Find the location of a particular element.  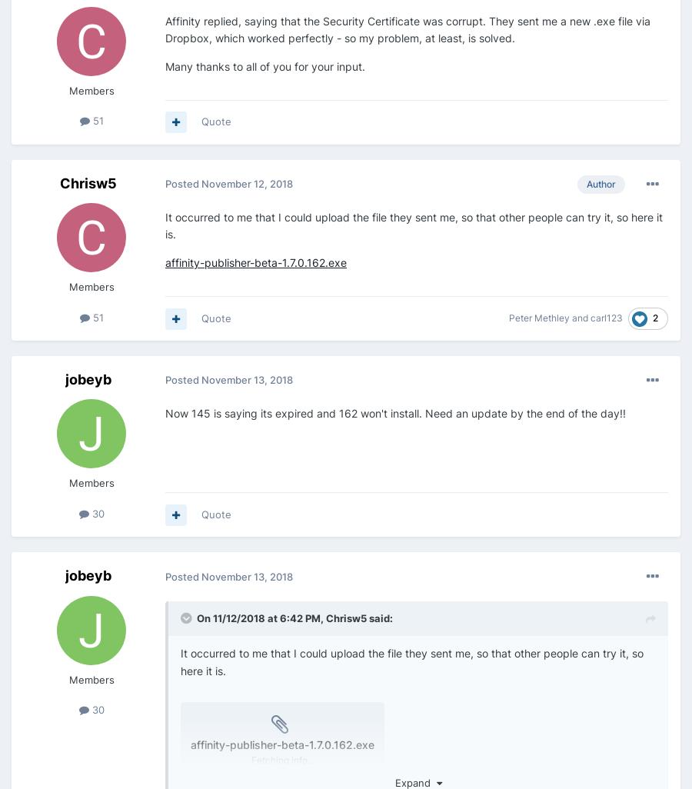

'Now 145 is saying its expired and 162 won't install. Need an update by the end of the day!!' is located at coordinates (394, 413).